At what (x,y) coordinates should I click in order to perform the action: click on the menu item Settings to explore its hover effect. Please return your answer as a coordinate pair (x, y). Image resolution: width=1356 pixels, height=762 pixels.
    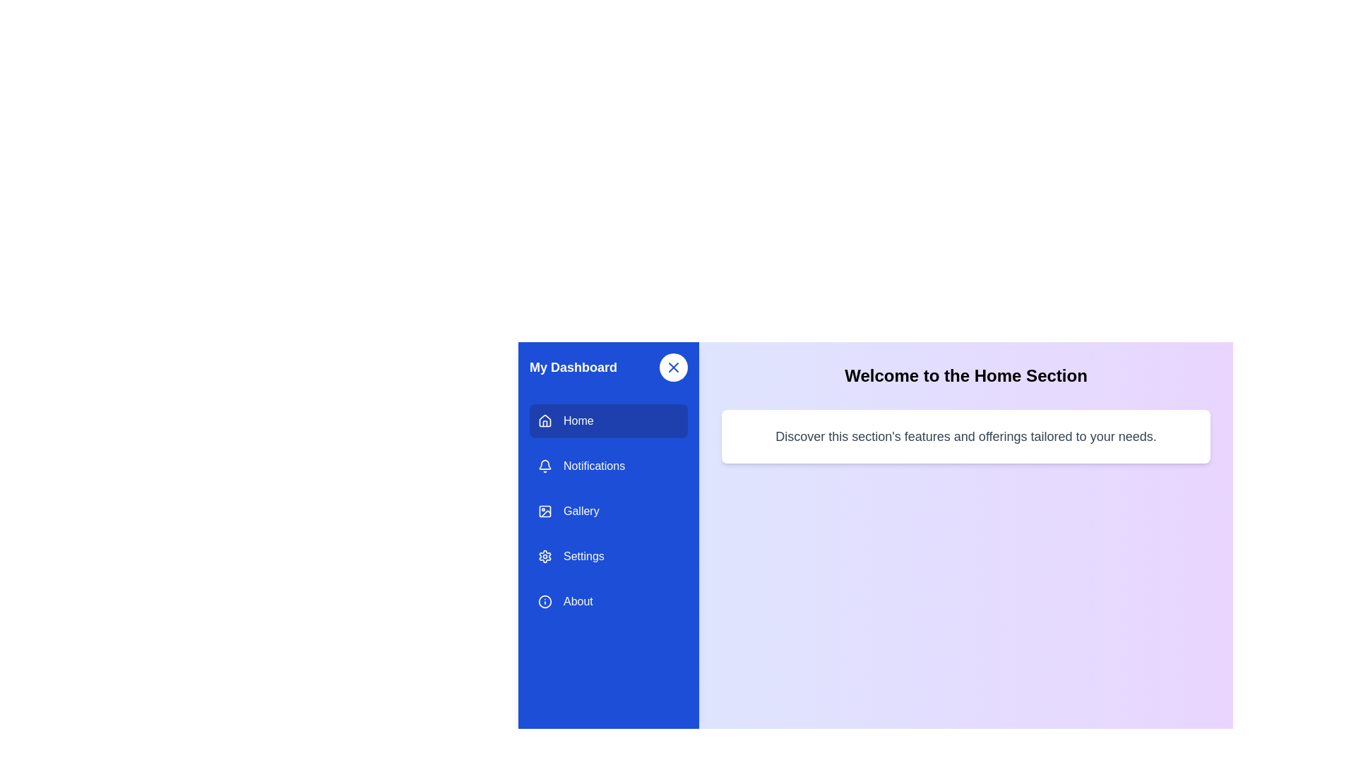
    Looking at the image, I should click on (609, 556).